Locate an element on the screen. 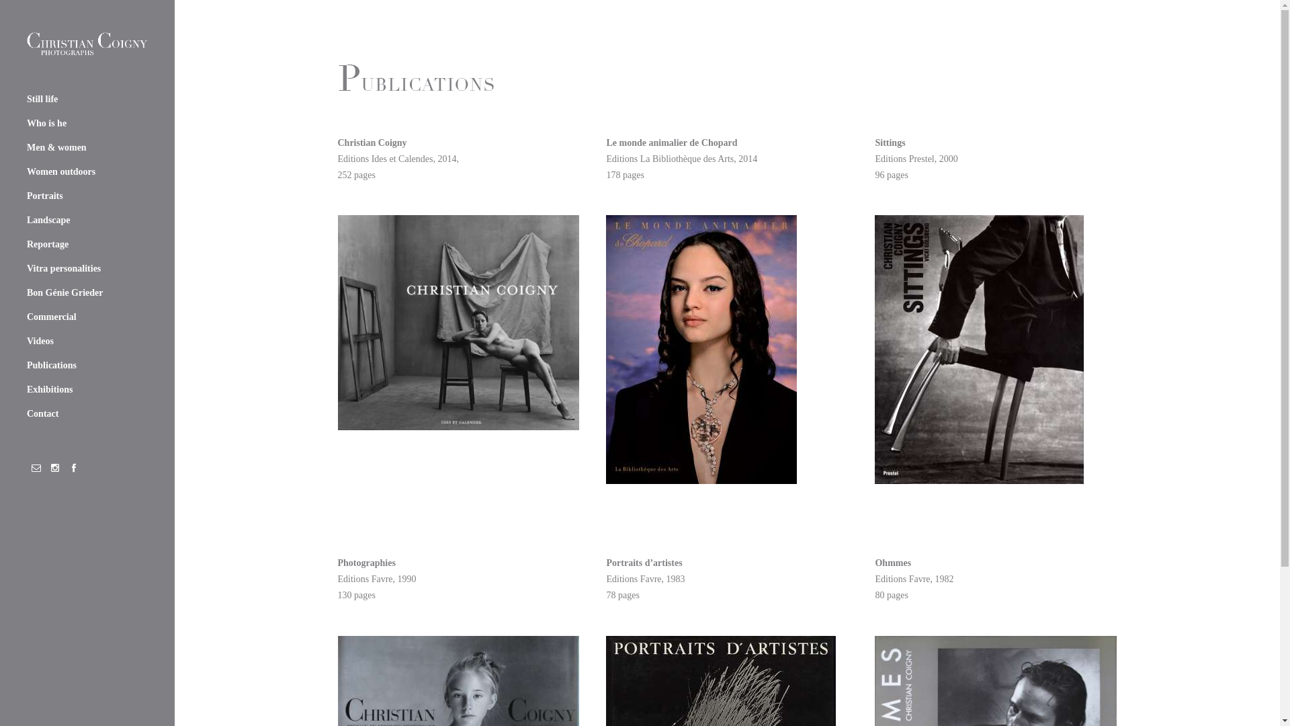 This screenshot has height=726, width=1290. 'Exhibitions' is located at coordinates (86, 389).